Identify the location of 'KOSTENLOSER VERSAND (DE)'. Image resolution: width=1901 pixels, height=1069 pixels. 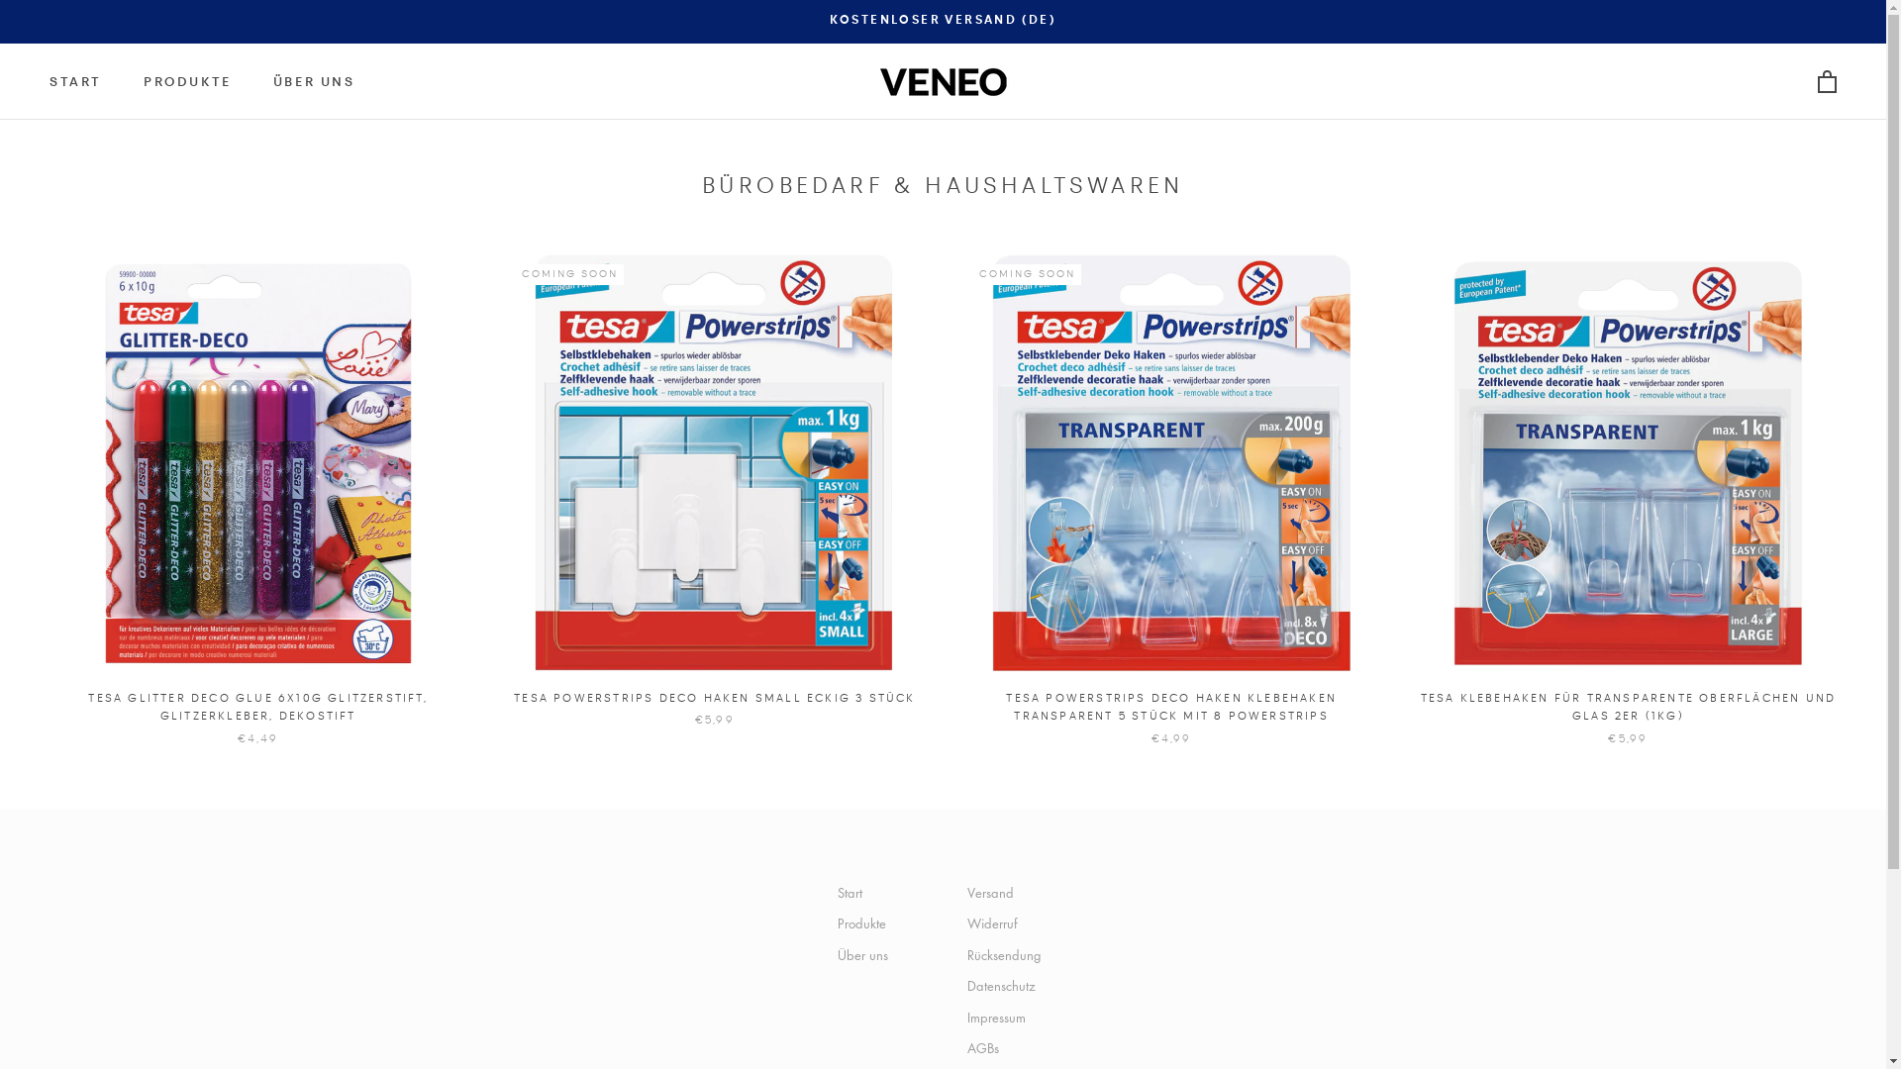
(943, 20).